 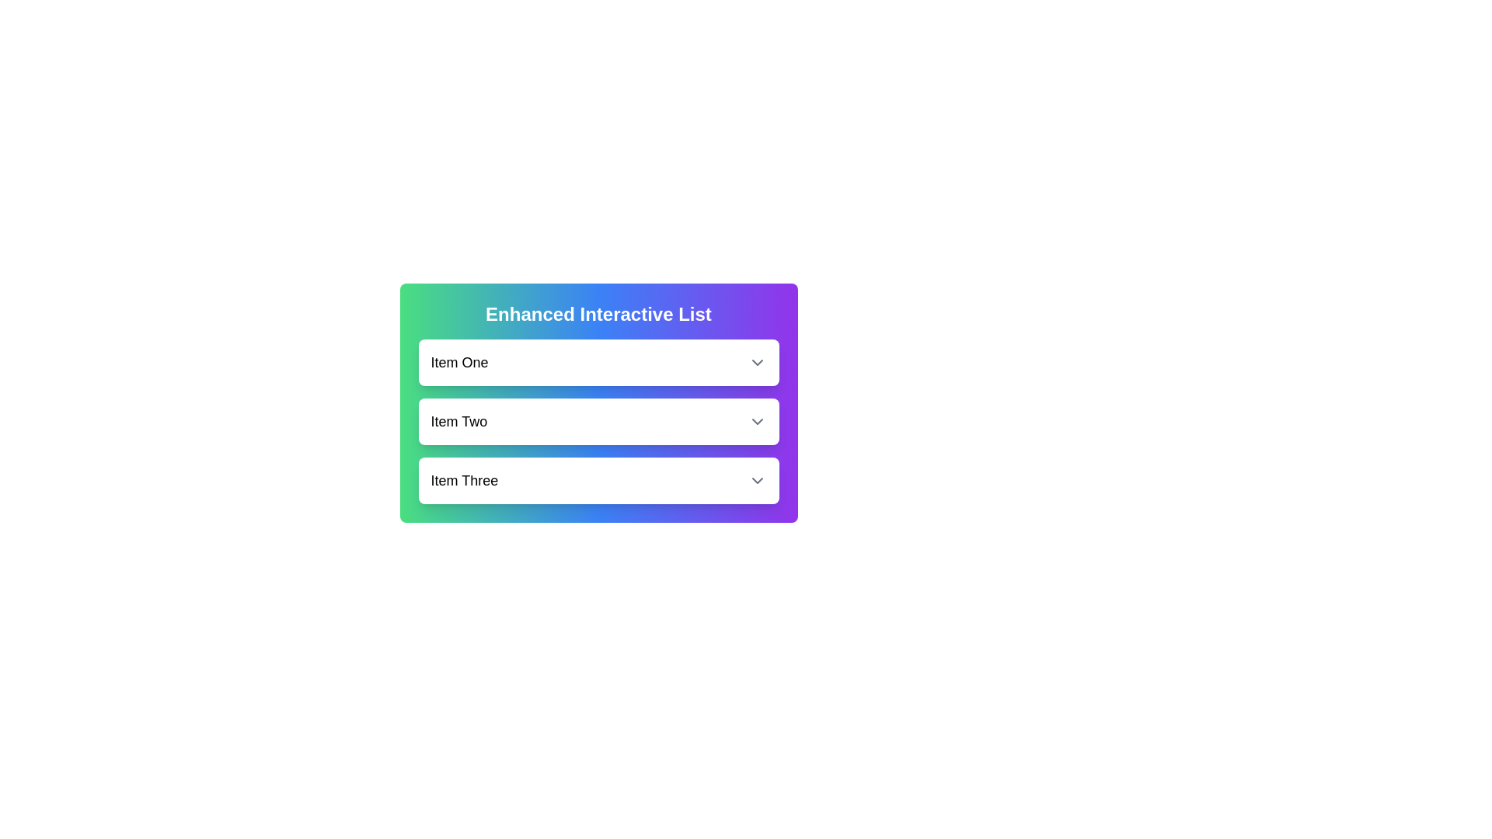 I want to click on the second item in the 'Enhanced Interactive List', so click(x=598, y=422).